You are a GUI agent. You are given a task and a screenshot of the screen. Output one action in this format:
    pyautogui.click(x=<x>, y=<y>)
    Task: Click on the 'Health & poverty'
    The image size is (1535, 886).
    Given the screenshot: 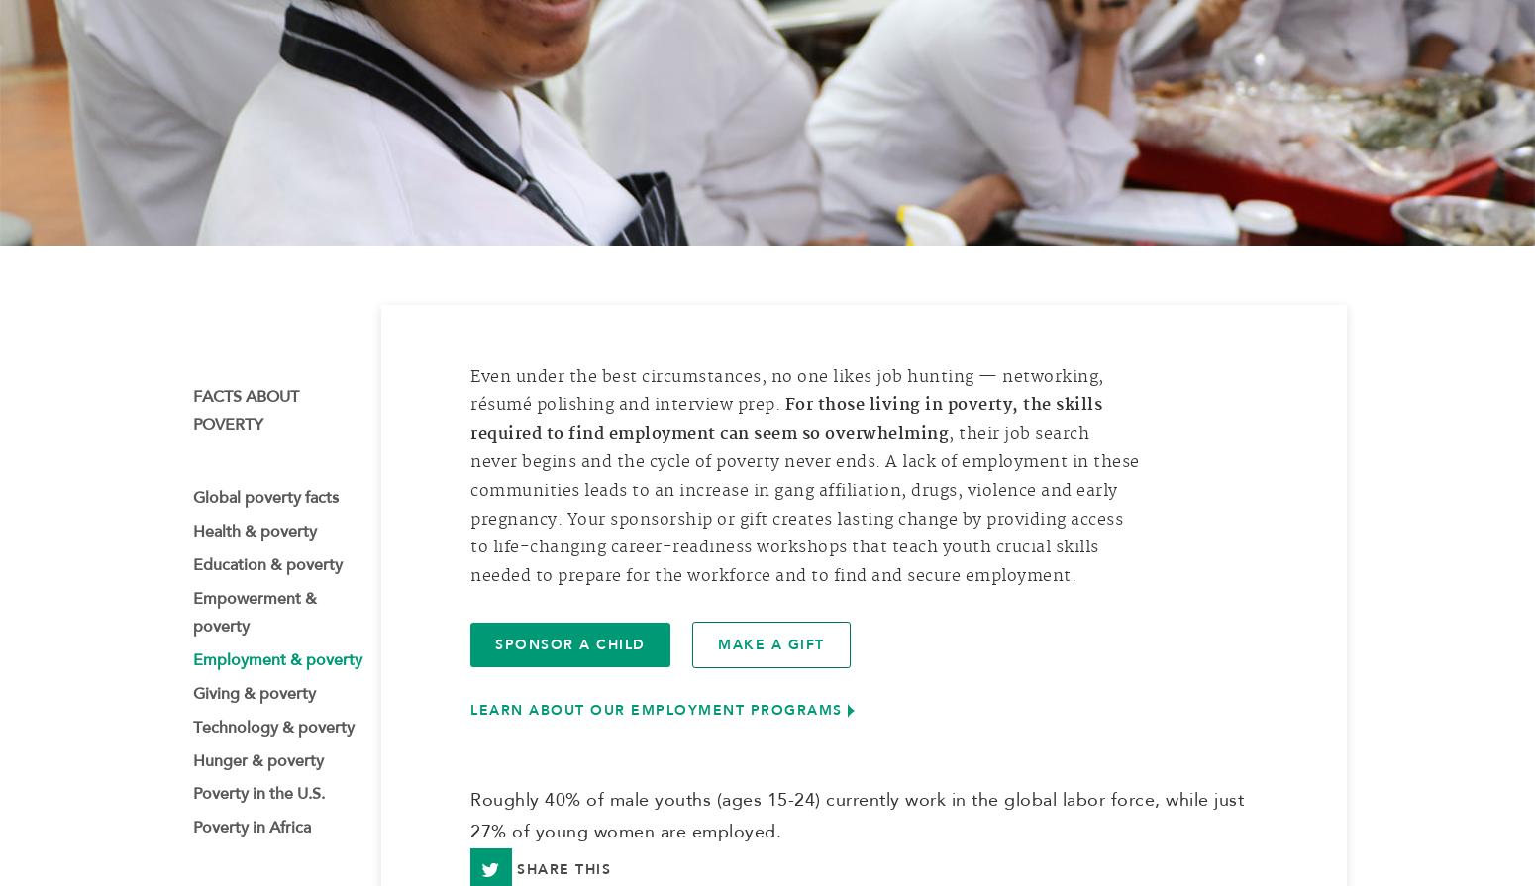 What is the action you would take?
    pyautogui.click(x=255, y=538)
    